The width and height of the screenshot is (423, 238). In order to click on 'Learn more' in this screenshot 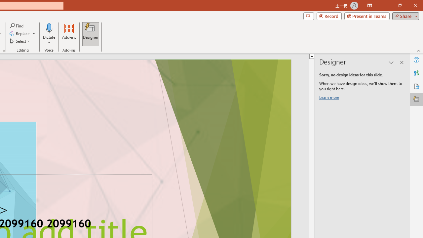, I will do `click(330, 99)`.